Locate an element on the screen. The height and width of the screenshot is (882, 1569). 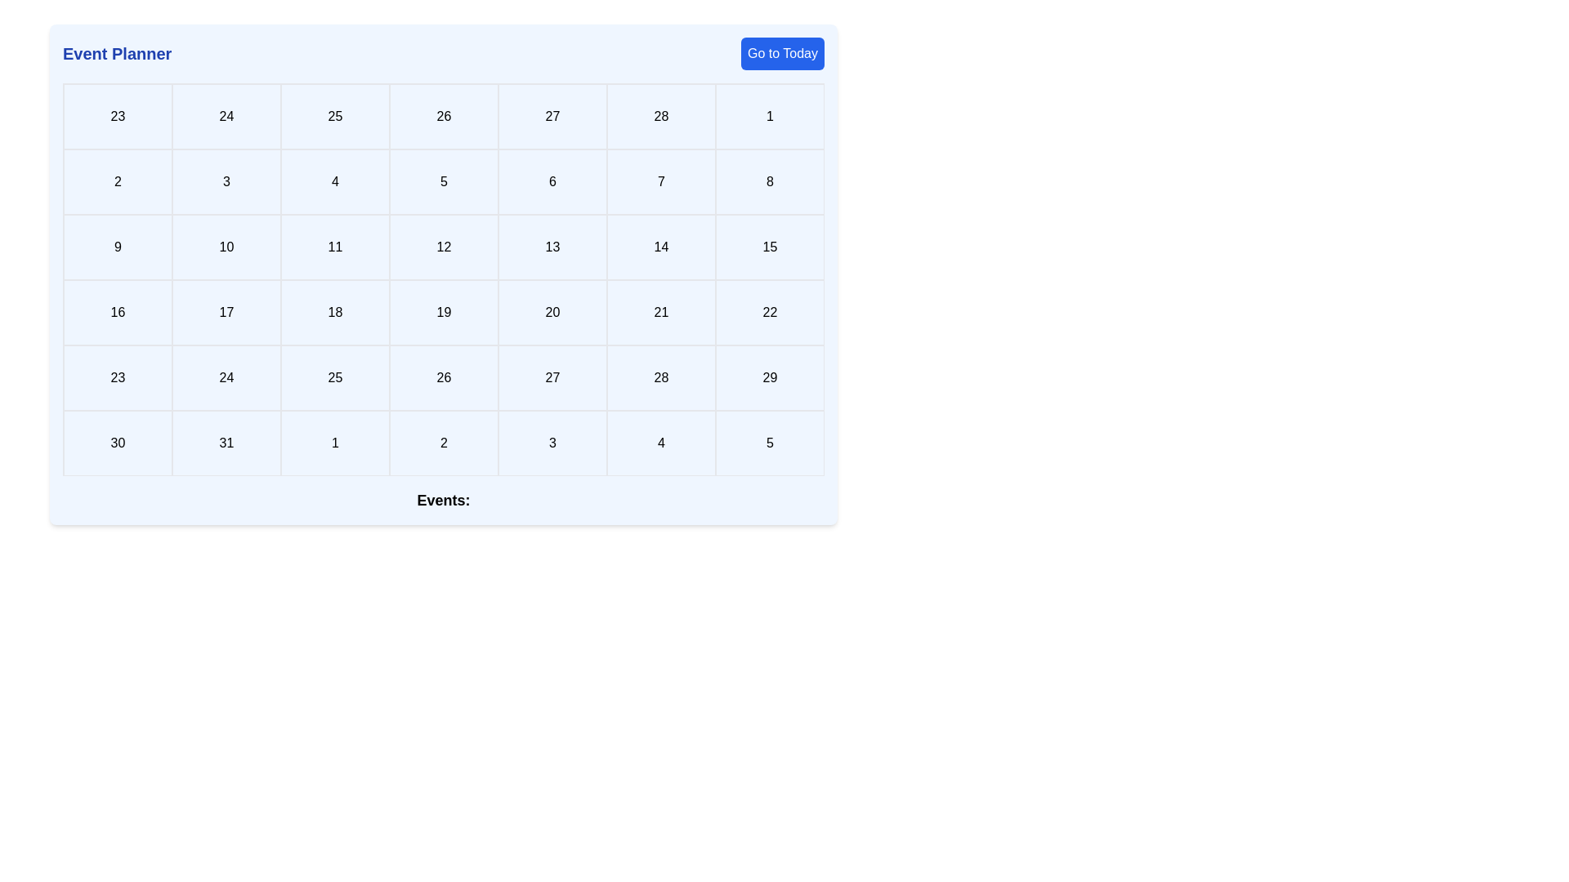
the static grid cell containing the bold black number '4' on a light blue background, located in the sixth row and fourth column of the grid layout is located at coordinates (661, 443).